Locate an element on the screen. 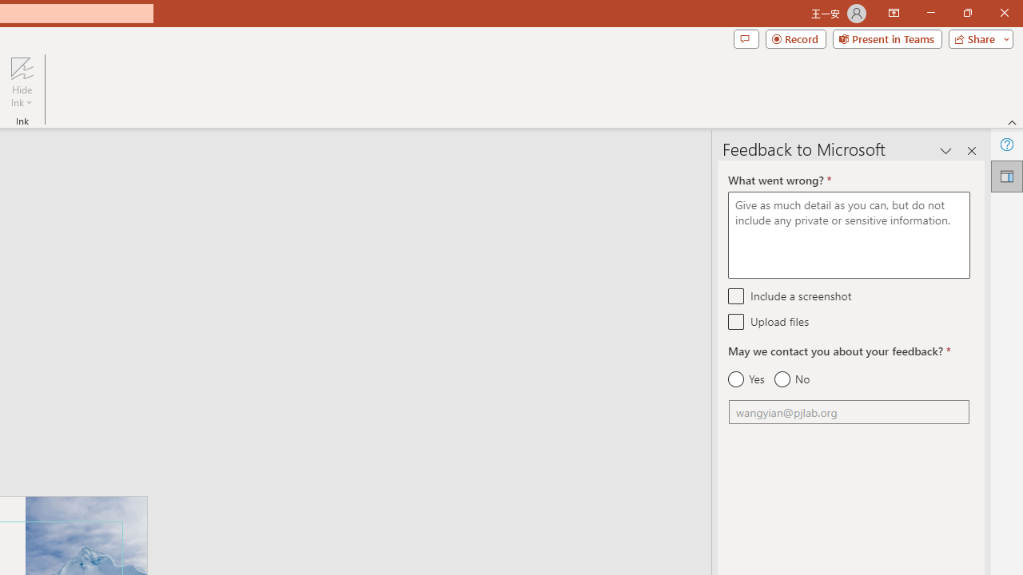 The width and height of the screenshot is (1023, 575). 'Comments' is located at coordinates (745, 38).